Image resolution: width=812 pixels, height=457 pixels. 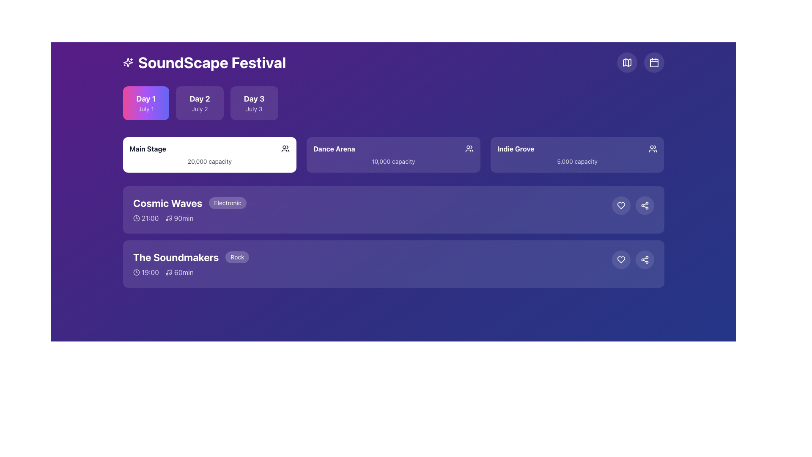 I want to click on text '60min' next to the musical note icon in the row for the event 'The Soundmakers' to understand the event's duration, so click(x=179, y=273).